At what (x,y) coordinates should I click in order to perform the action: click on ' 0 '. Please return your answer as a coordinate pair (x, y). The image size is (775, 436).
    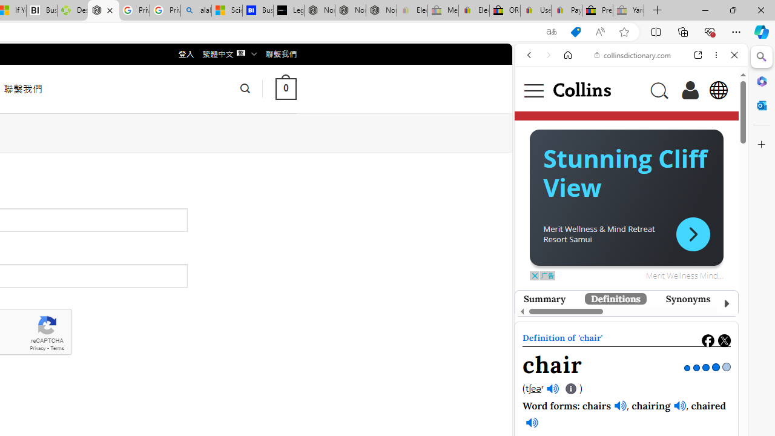
    Looking at the image, I should click on (285, 88).